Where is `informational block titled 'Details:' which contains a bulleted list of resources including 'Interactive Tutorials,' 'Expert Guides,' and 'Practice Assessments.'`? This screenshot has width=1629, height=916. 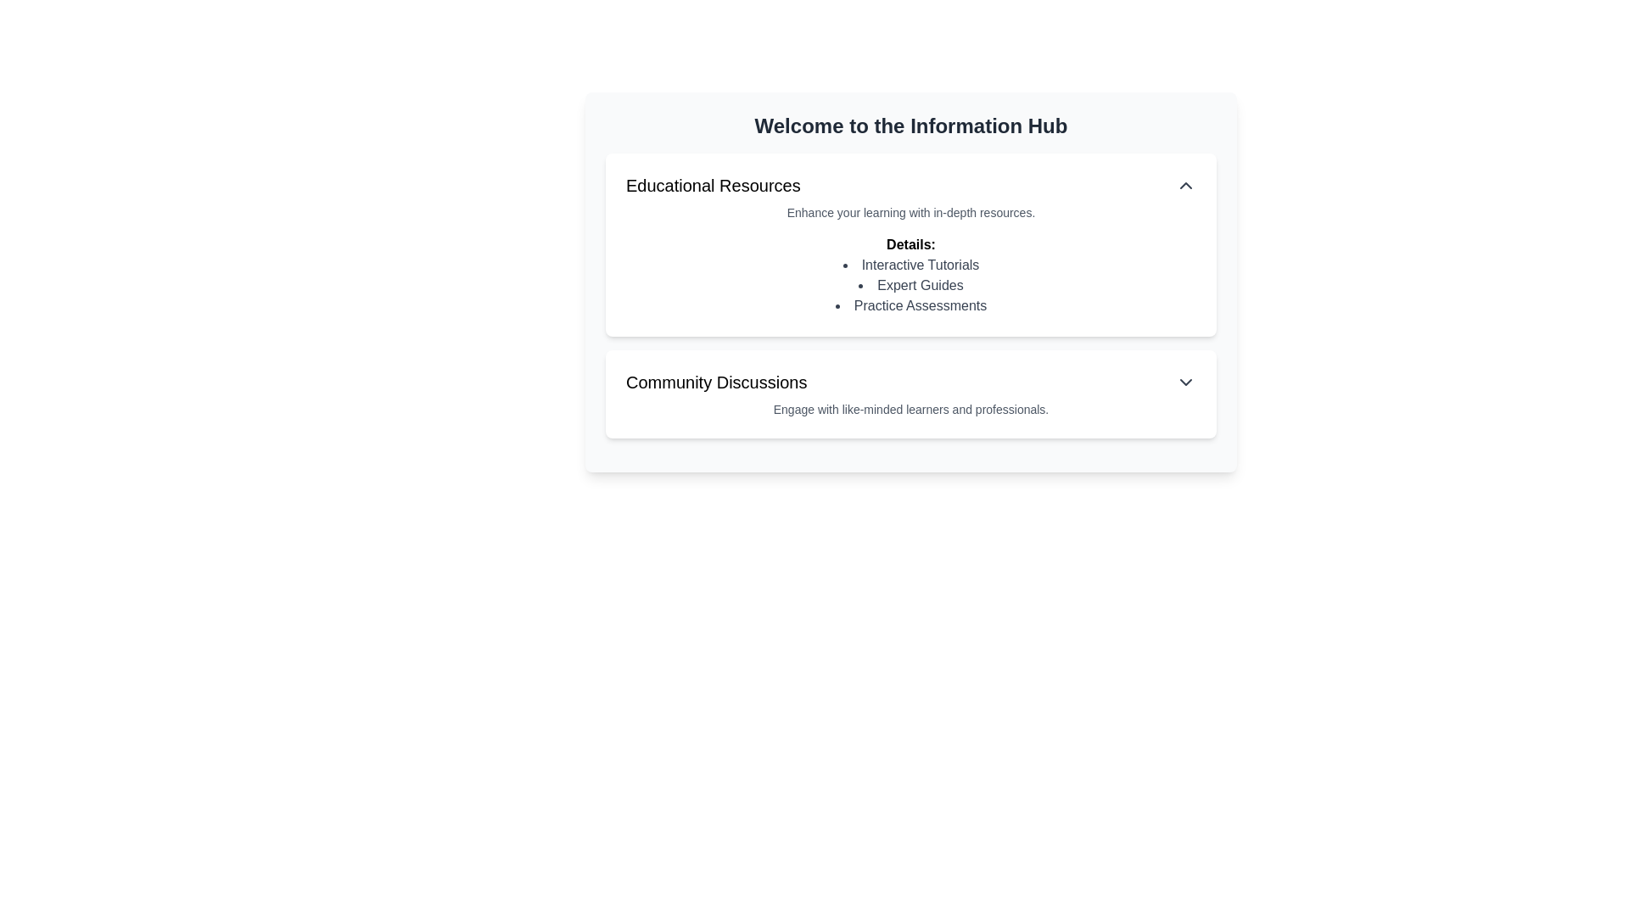 informational block titled 'Details:' which contains a bulleted list of resources including 'Interactive Tutorials,' 'Expert Guides,' and 'Practice Assessments.' is located at coordinates (910, 274).